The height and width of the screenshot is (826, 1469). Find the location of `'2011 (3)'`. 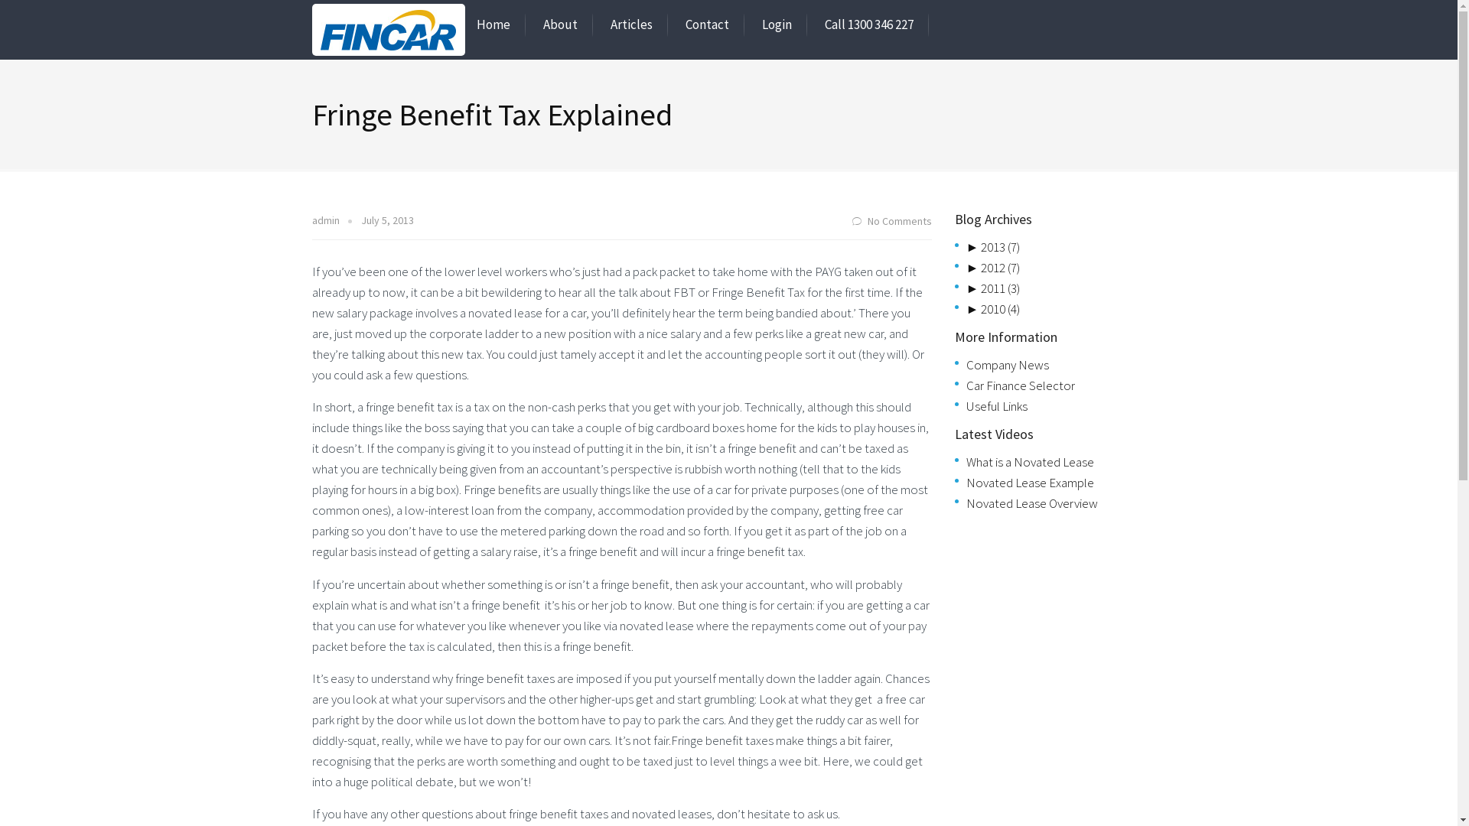

'2011 (3)' is located at coordinates (980, 288).